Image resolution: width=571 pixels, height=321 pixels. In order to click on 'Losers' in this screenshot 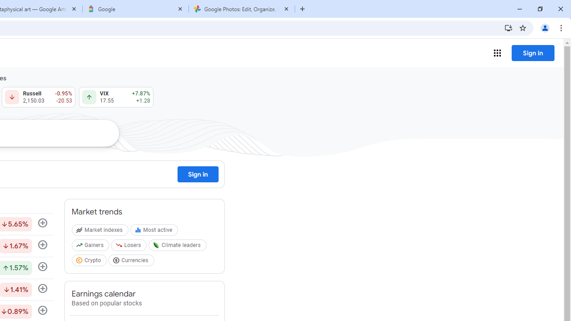, I will do `click(129, 247)`.